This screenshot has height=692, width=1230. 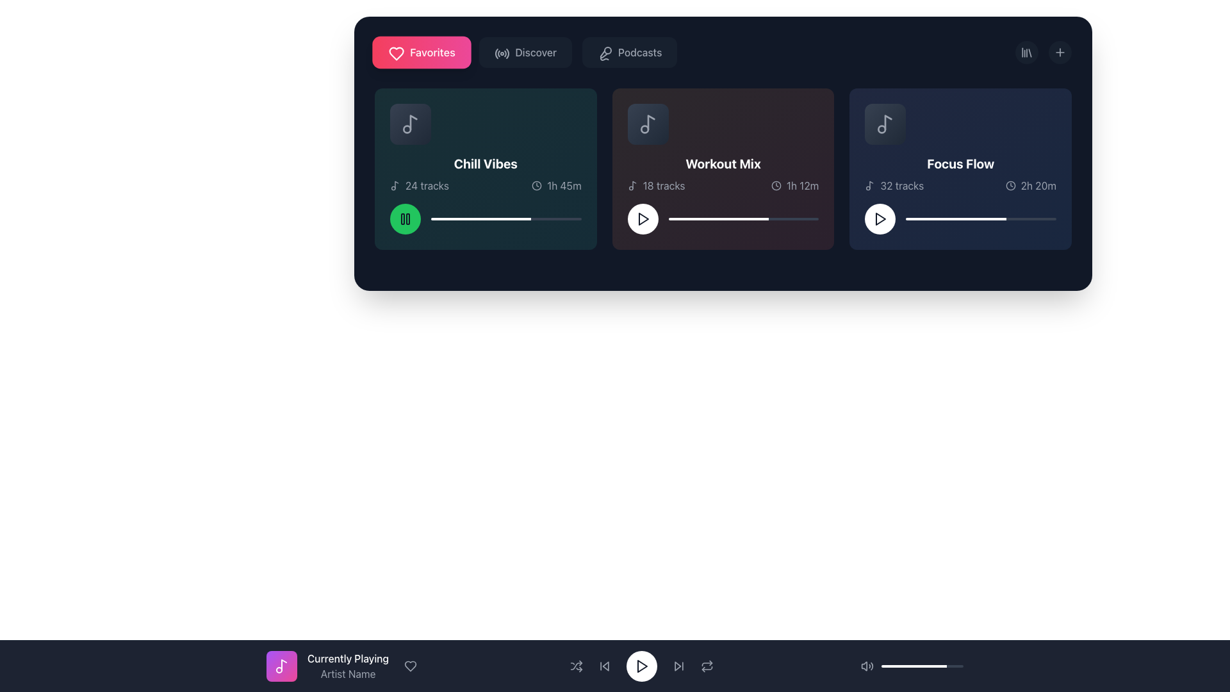 What do you see at coordinates (960, 168) in the screenshot?
I see `text displayed on the 'Focus Flow' label, which is styled in bold white font on a dark blue background within the third card of the second section` at bounding box center [960, 168].